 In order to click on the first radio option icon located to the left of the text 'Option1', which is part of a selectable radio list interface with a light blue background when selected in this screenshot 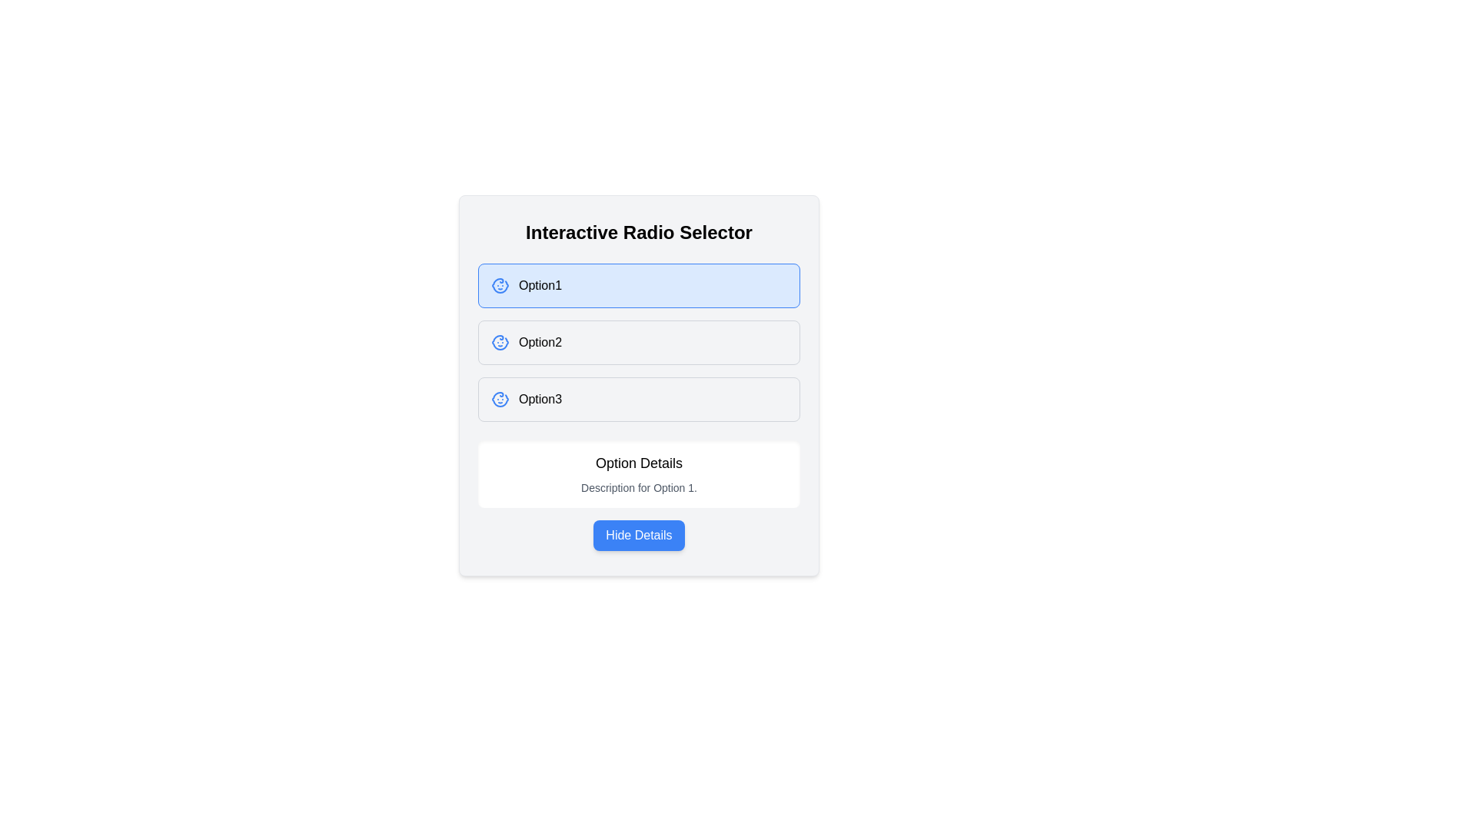, I will do `click(500, 285)`.